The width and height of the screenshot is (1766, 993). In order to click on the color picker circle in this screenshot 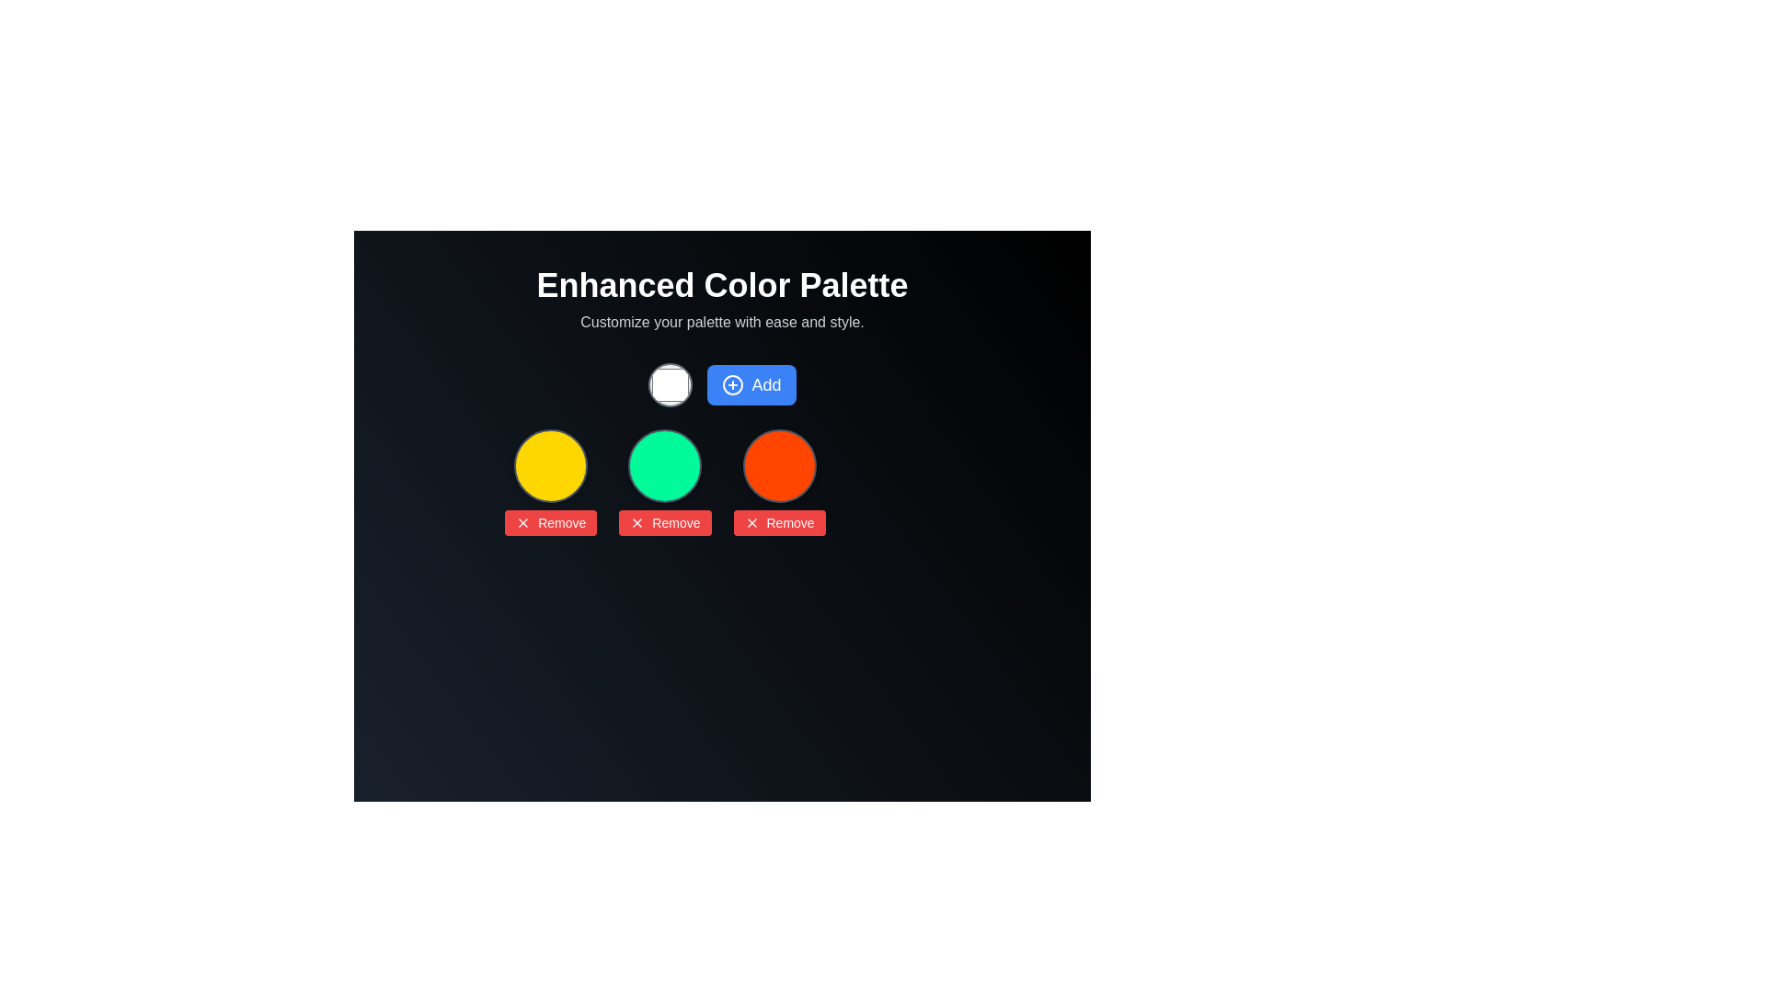, I will do `click(670, 384)`.